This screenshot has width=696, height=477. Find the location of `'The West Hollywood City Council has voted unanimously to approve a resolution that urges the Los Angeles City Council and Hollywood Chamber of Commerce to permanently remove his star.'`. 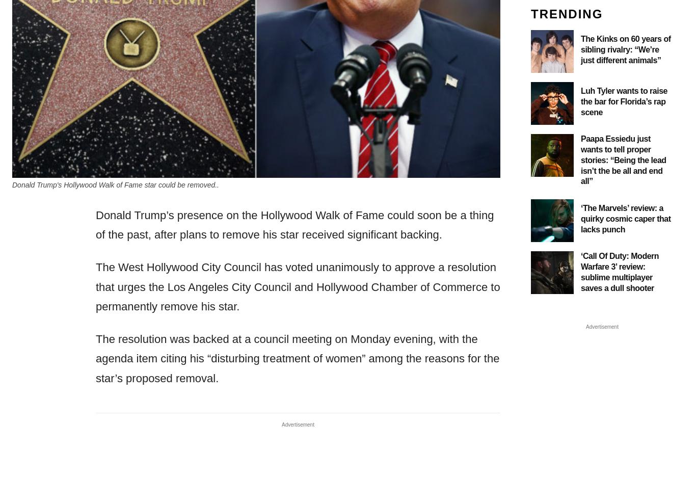

'The West Hollywood City Council has voted unanimously to approve a resolution that urges the Los Angeles City Council and Hollywood Chamber of Commerce to permanently remove his star.' is located at coordinates (297, 286).